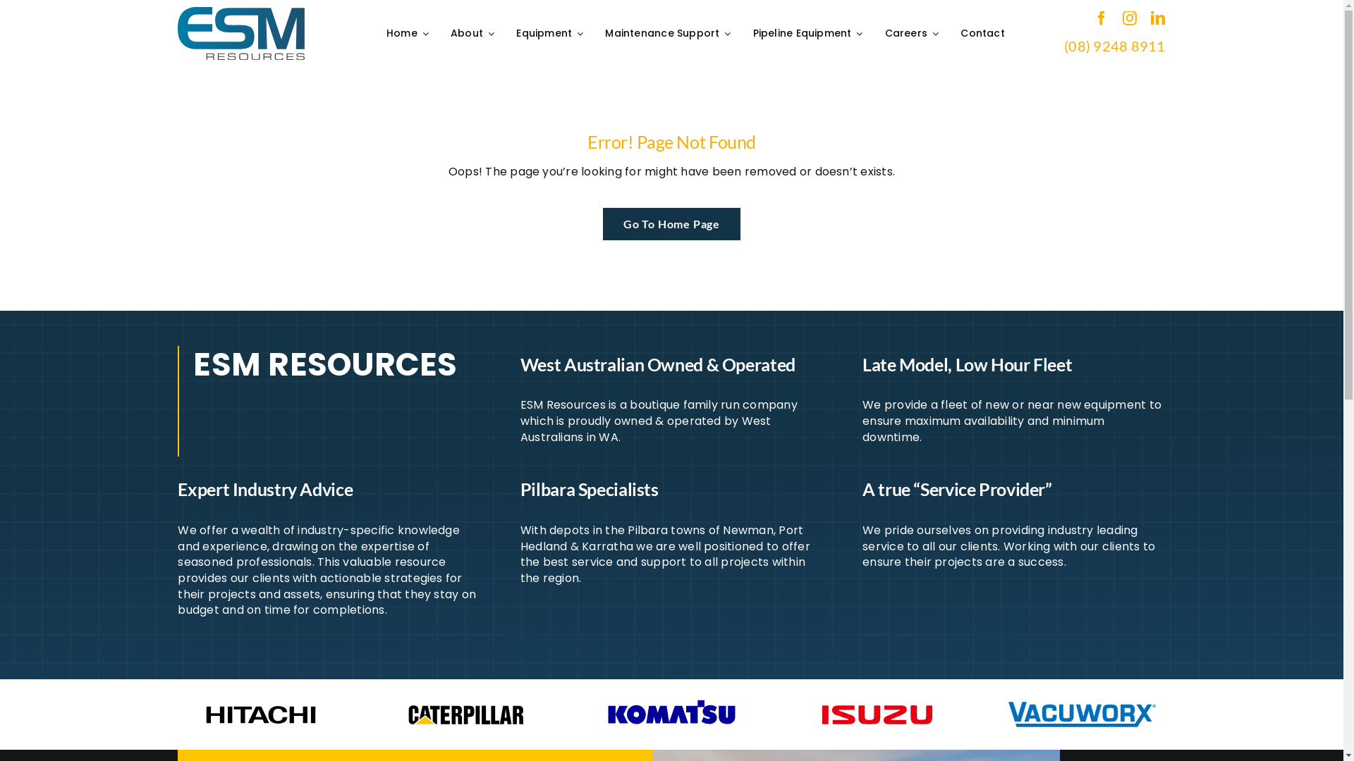 The width and height of the screenshot is (1354, 761). I want to click on 'About', so click(474, 32).